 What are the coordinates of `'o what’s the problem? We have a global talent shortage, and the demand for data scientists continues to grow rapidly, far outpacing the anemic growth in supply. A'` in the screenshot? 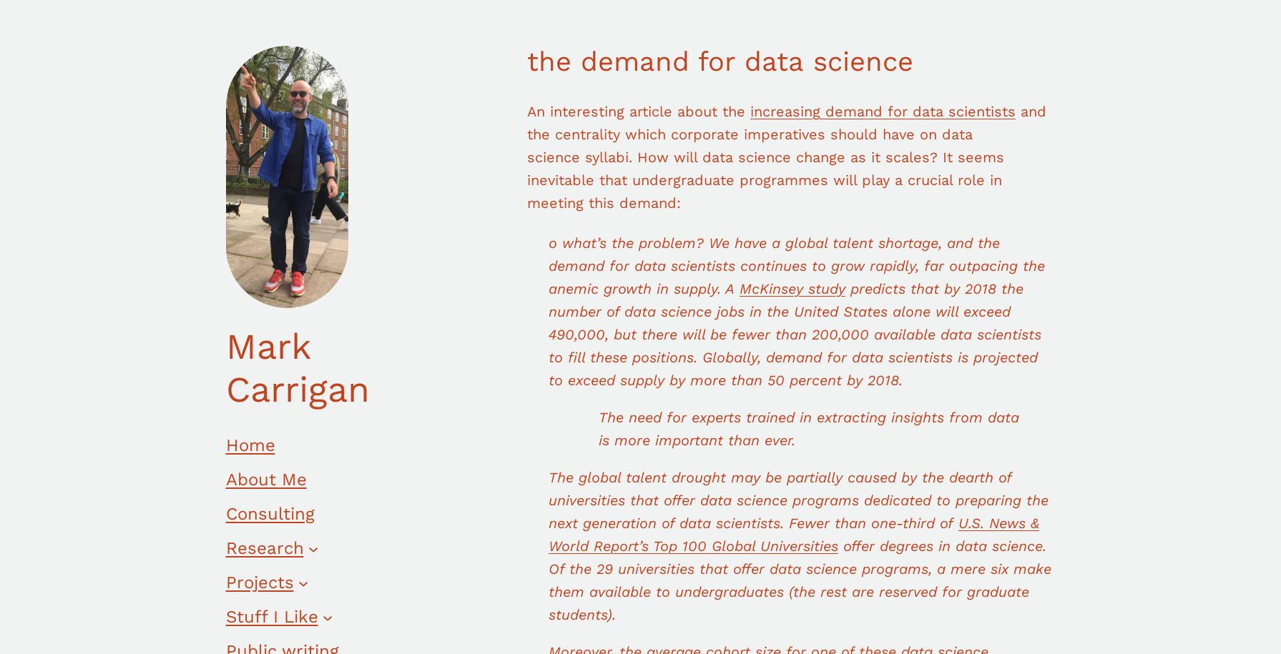 It's located at (795, 264).